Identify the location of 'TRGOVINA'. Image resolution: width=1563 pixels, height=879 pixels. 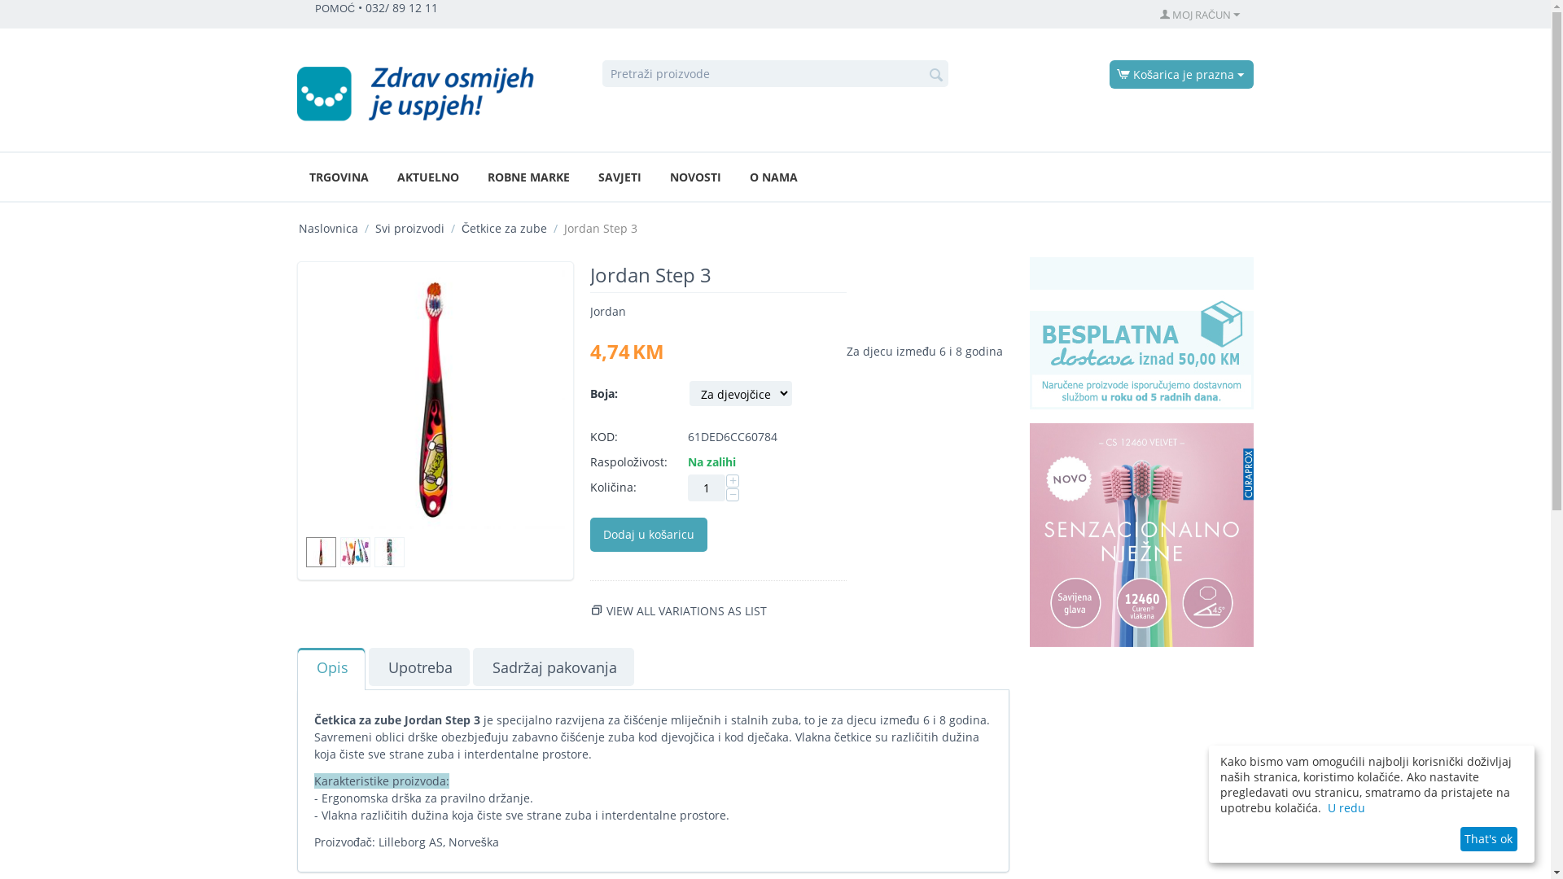
(338, 177).